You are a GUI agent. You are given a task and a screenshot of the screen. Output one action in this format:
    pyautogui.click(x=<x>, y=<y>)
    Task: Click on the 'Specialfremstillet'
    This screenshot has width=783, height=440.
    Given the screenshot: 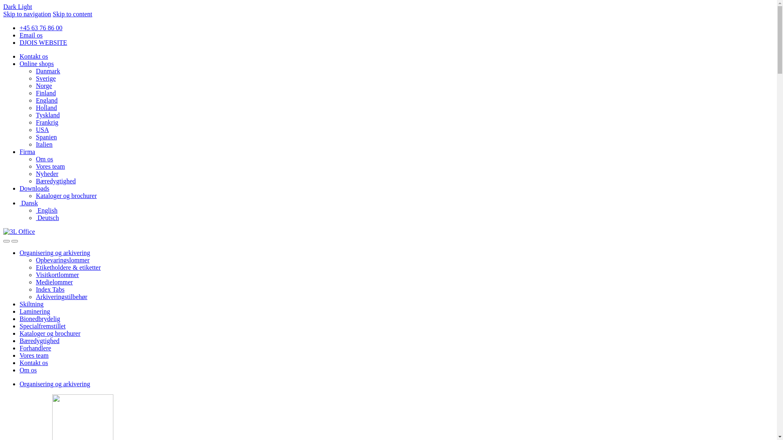 What is the action you would take?
    pyautogui.click(x=42, y=326)
    